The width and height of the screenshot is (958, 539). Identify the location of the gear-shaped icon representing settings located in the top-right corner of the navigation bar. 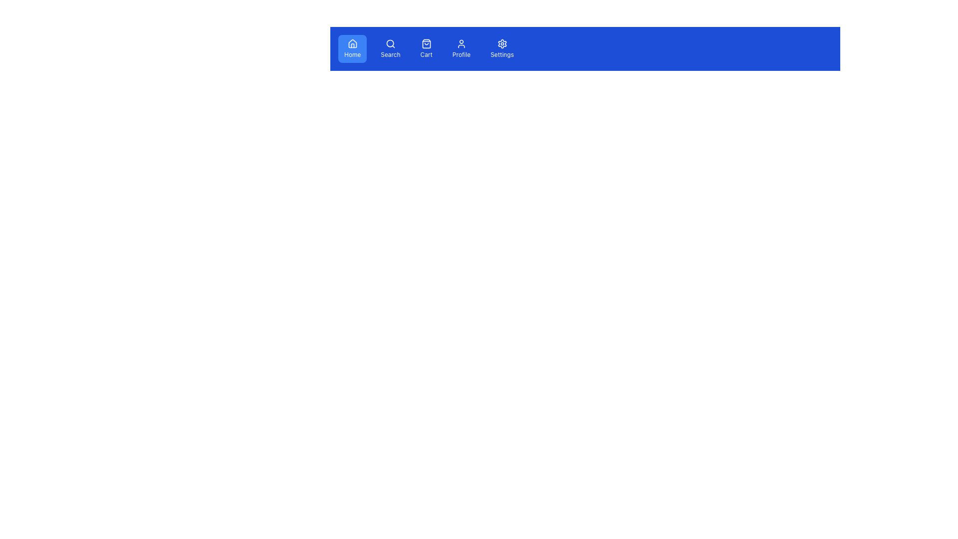
(502, 43).